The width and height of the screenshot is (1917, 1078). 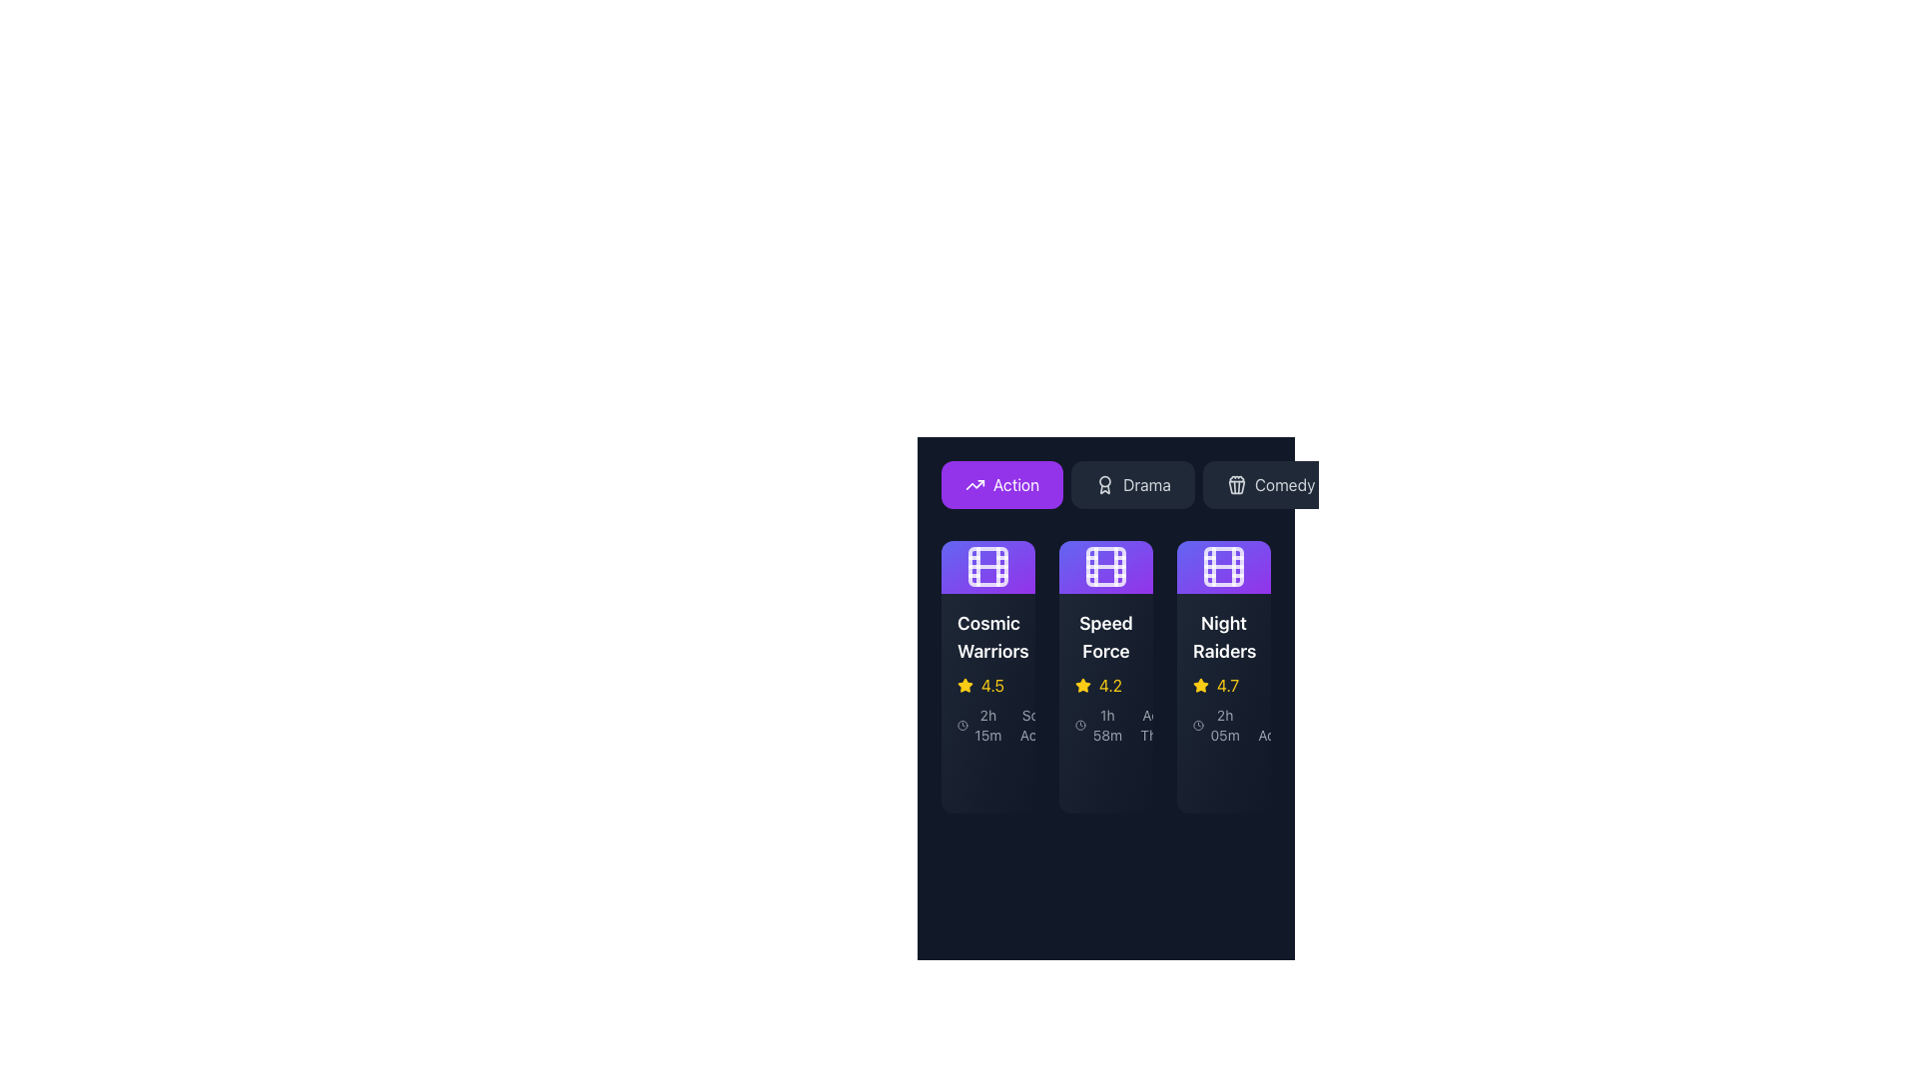 I want to click on text label titled 'Cosmic Warriors' which is displayed in large, bold, white font in the first card of the movie list, located directly under the film reel icon, so click(x=987, y=636).